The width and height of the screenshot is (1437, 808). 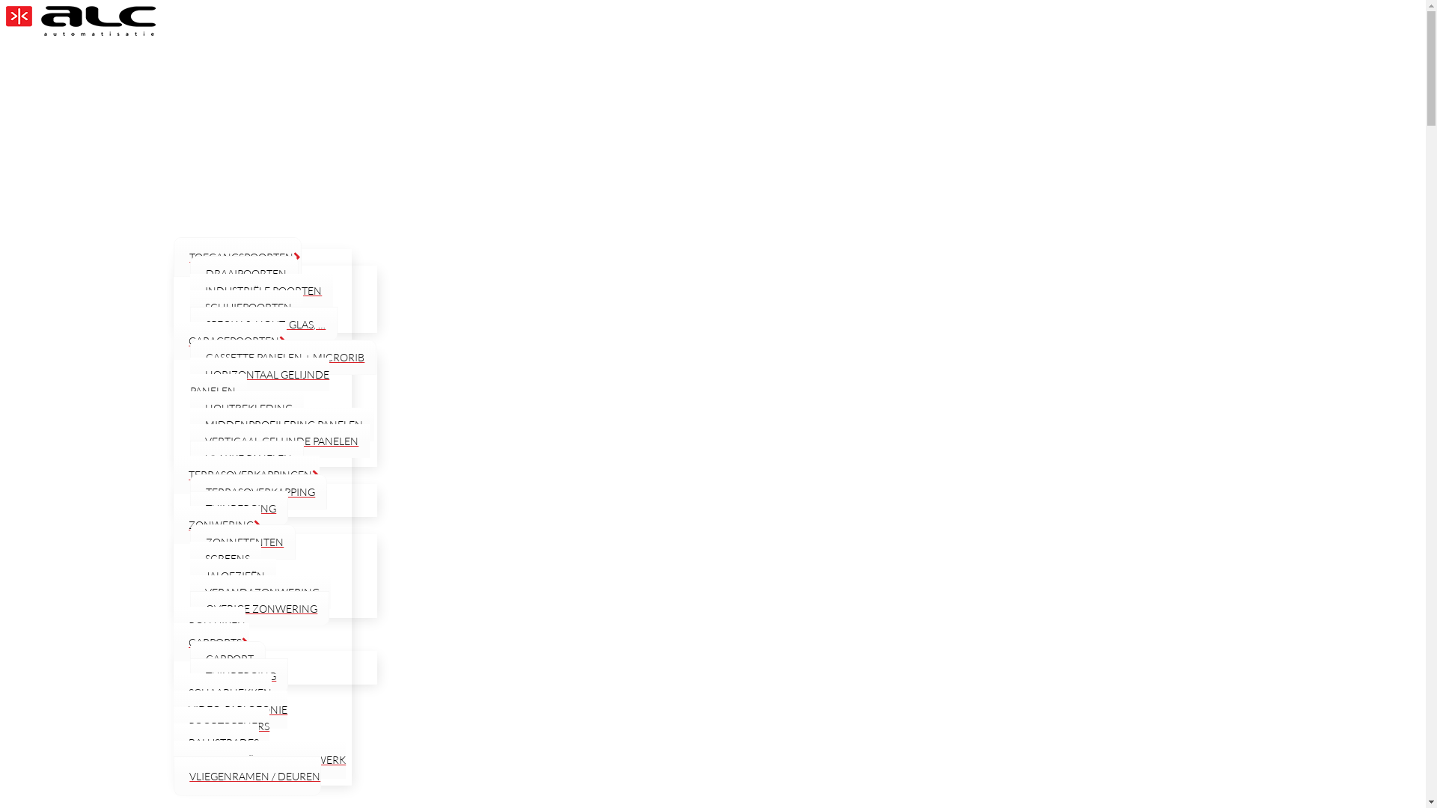 I want to click on 'SCREENS', so click(x=225, y=558).